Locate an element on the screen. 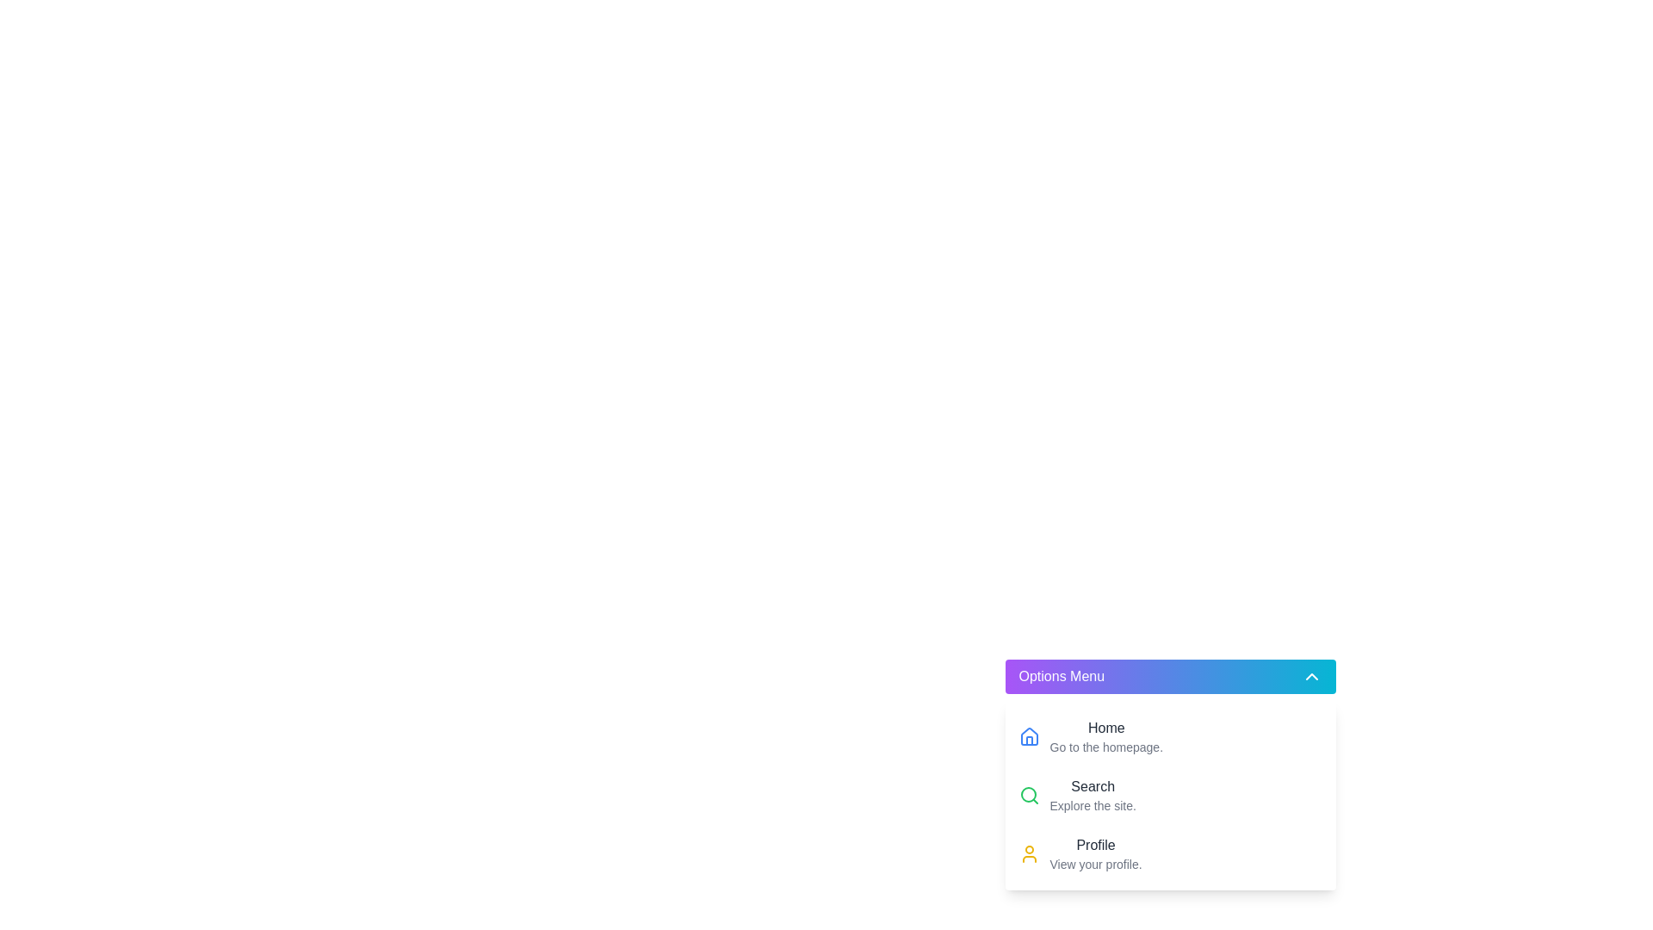  the 'Home' text label element, which is styled with a medium font weight and dark gray color, located at the center of the menu interface adjacent to a house icon is located at coordinates (1106, 728).